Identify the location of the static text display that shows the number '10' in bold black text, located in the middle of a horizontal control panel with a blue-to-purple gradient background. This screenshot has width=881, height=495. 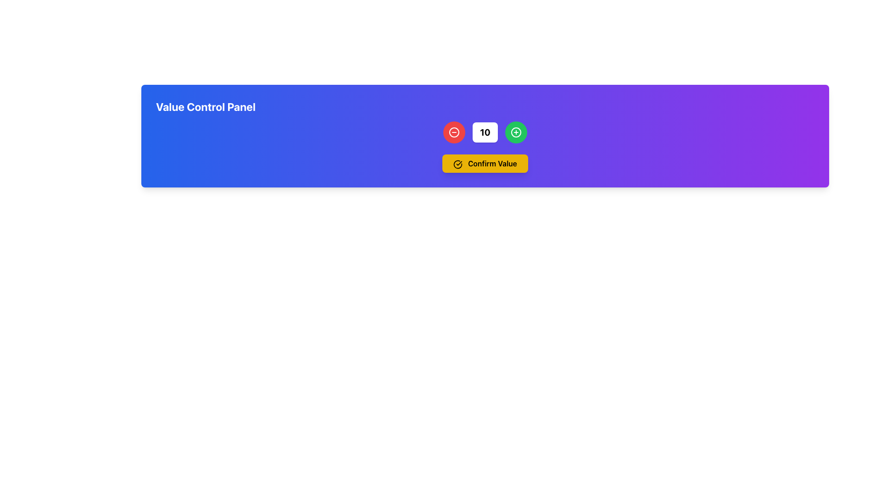
(485, 132).